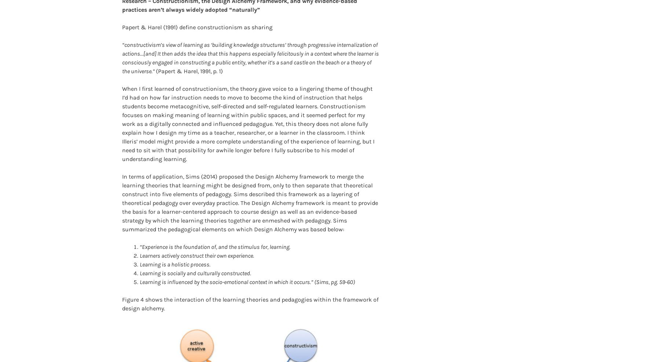 Image resolution: width=655 pixels, height=362 pixels. I want to click on 'Learning is a holistic process.', so click(175, 252).